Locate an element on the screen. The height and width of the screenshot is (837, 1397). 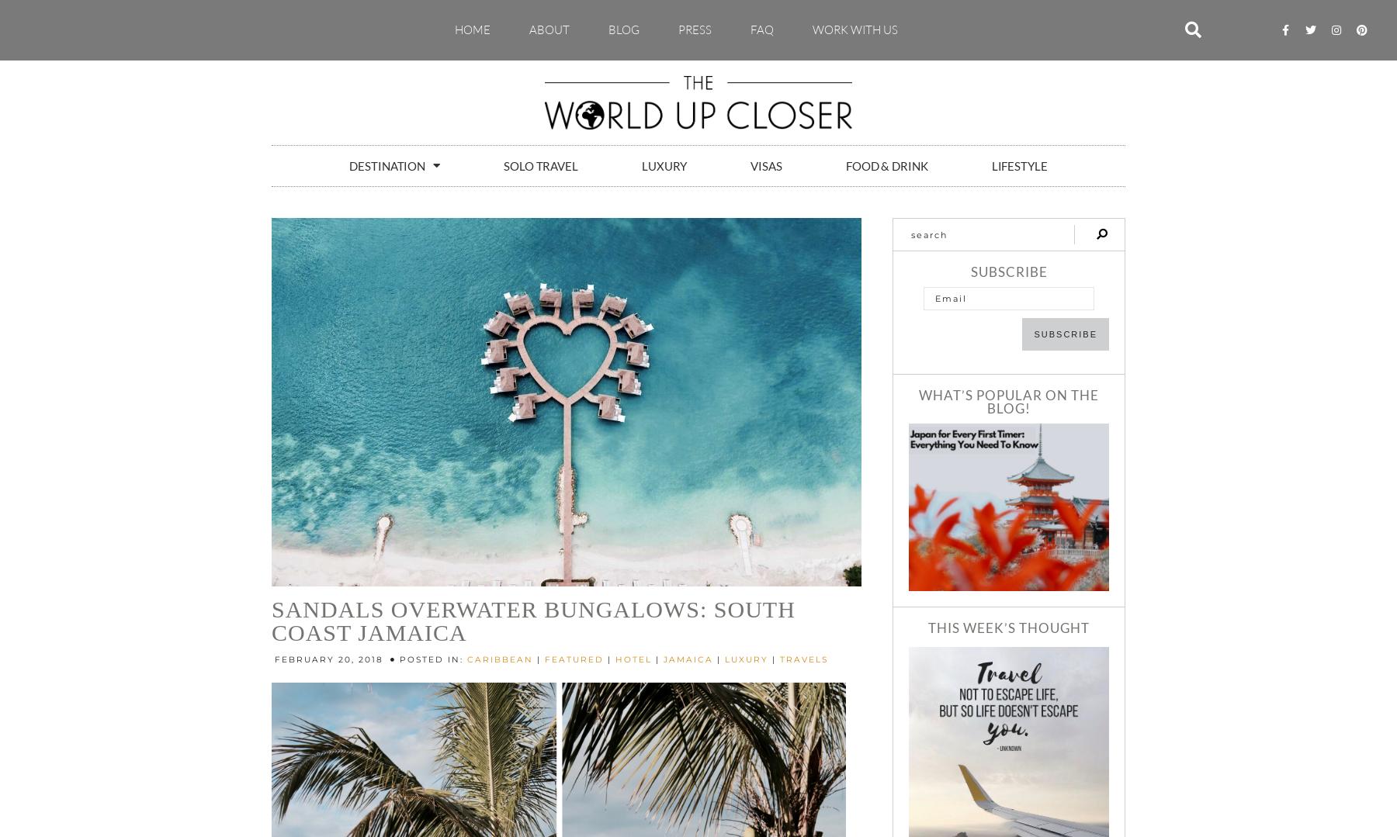
'Press' is located at coordinates (695, 29).